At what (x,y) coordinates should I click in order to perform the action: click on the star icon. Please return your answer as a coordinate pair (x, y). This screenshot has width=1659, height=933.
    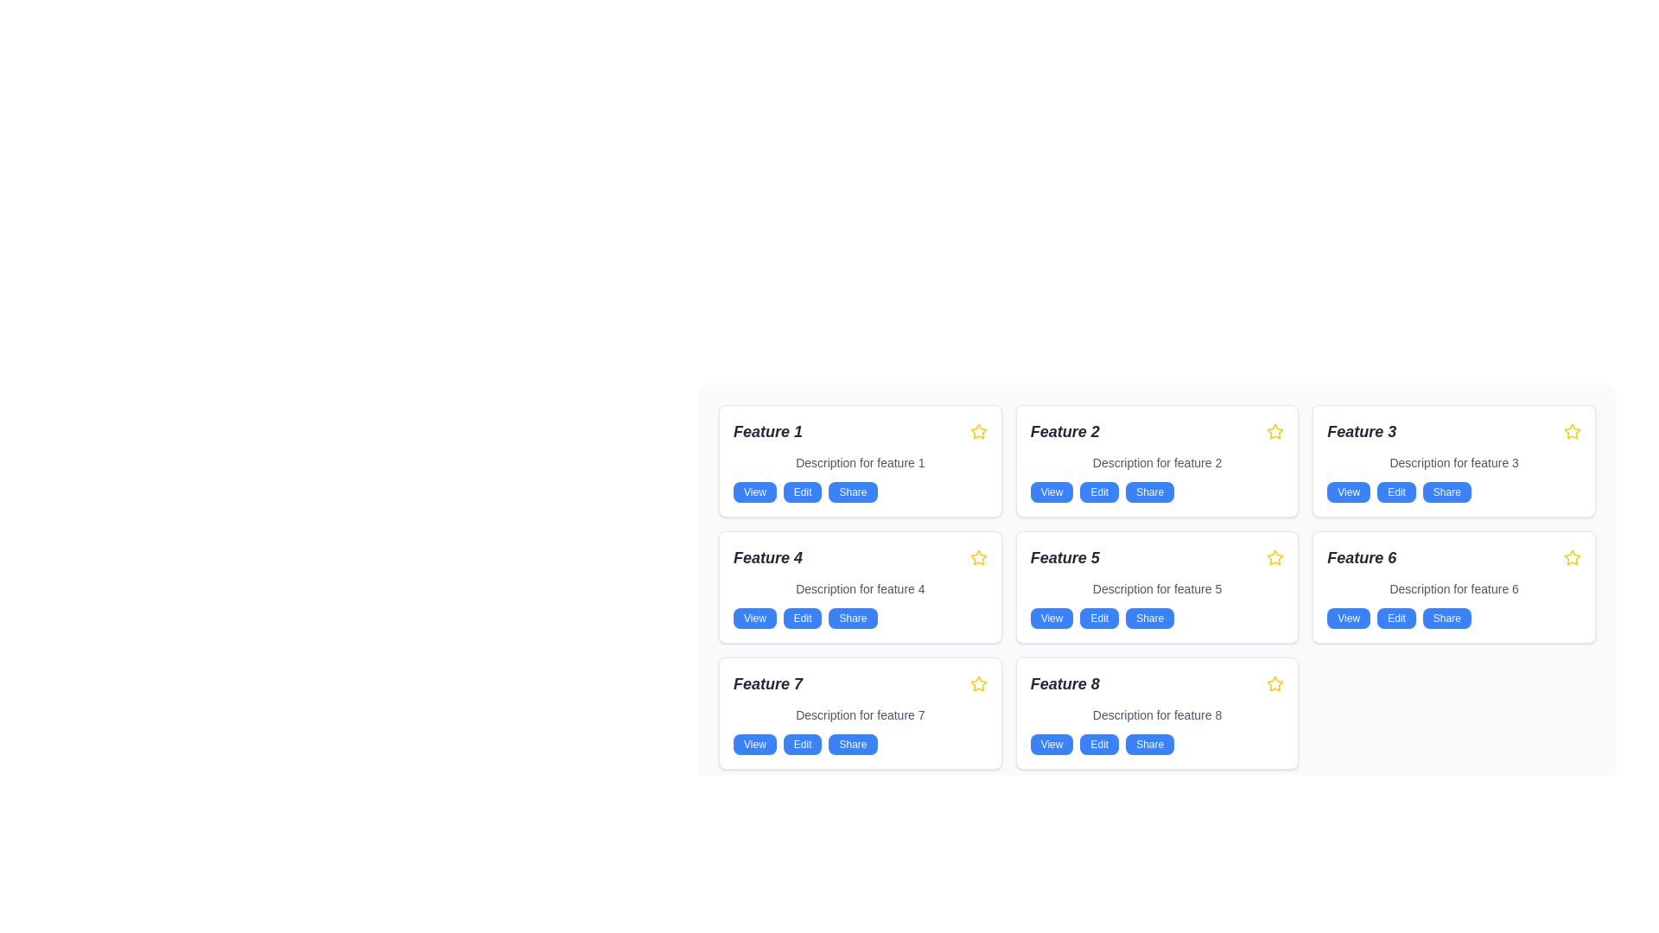
    Looking at the image, I should click on (1275, 682).